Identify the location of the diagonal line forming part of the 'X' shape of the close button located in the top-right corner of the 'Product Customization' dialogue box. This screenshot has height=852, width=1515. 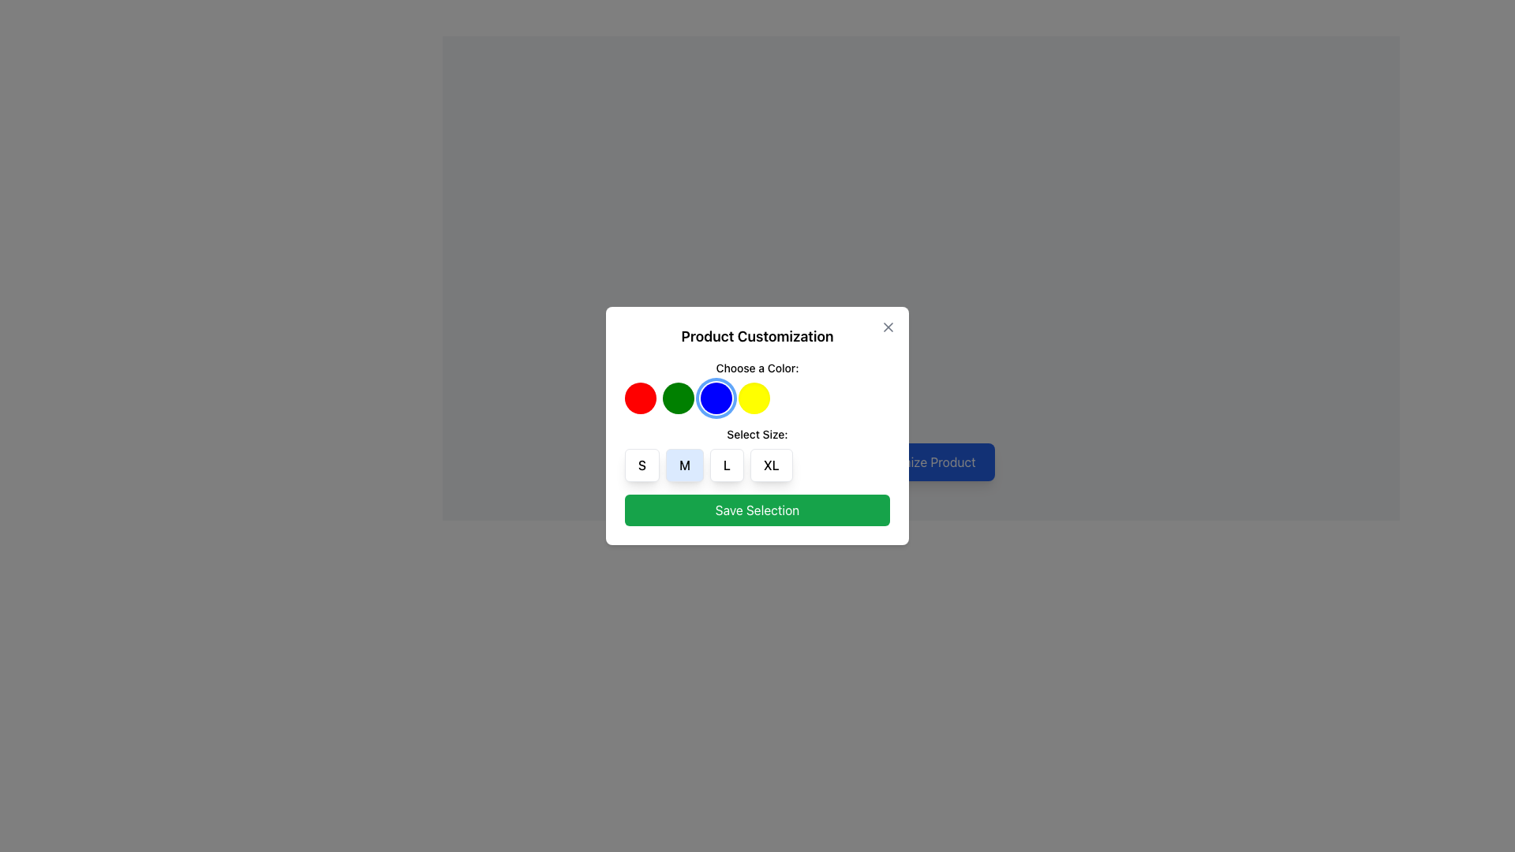
(888, 327).